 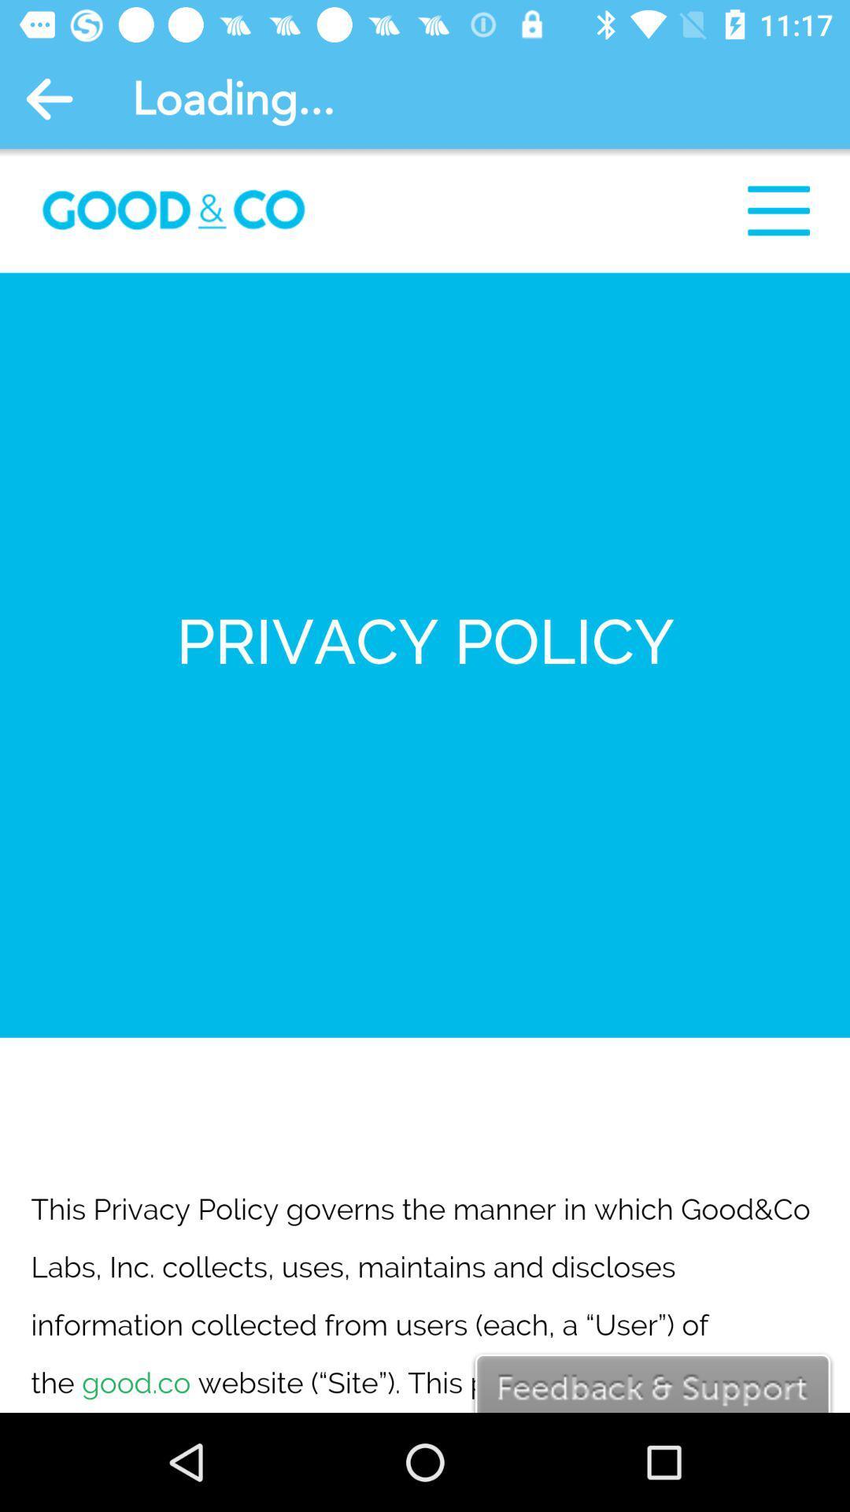 I want to click on display field, so click(x=425, y=780).